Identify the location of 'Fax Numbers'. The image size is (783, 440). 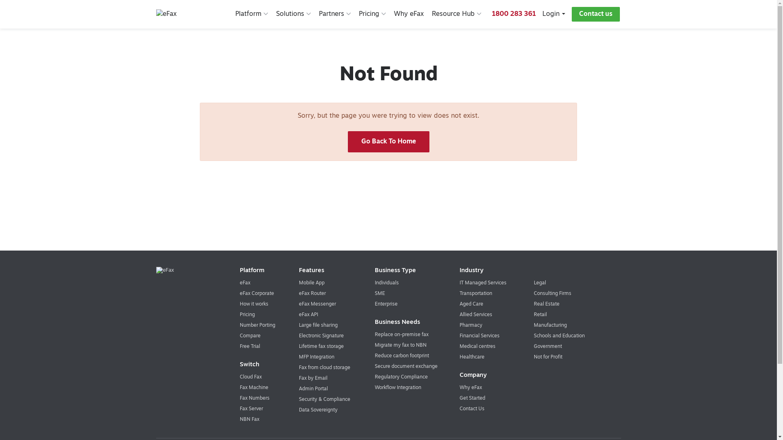
(239, 398).